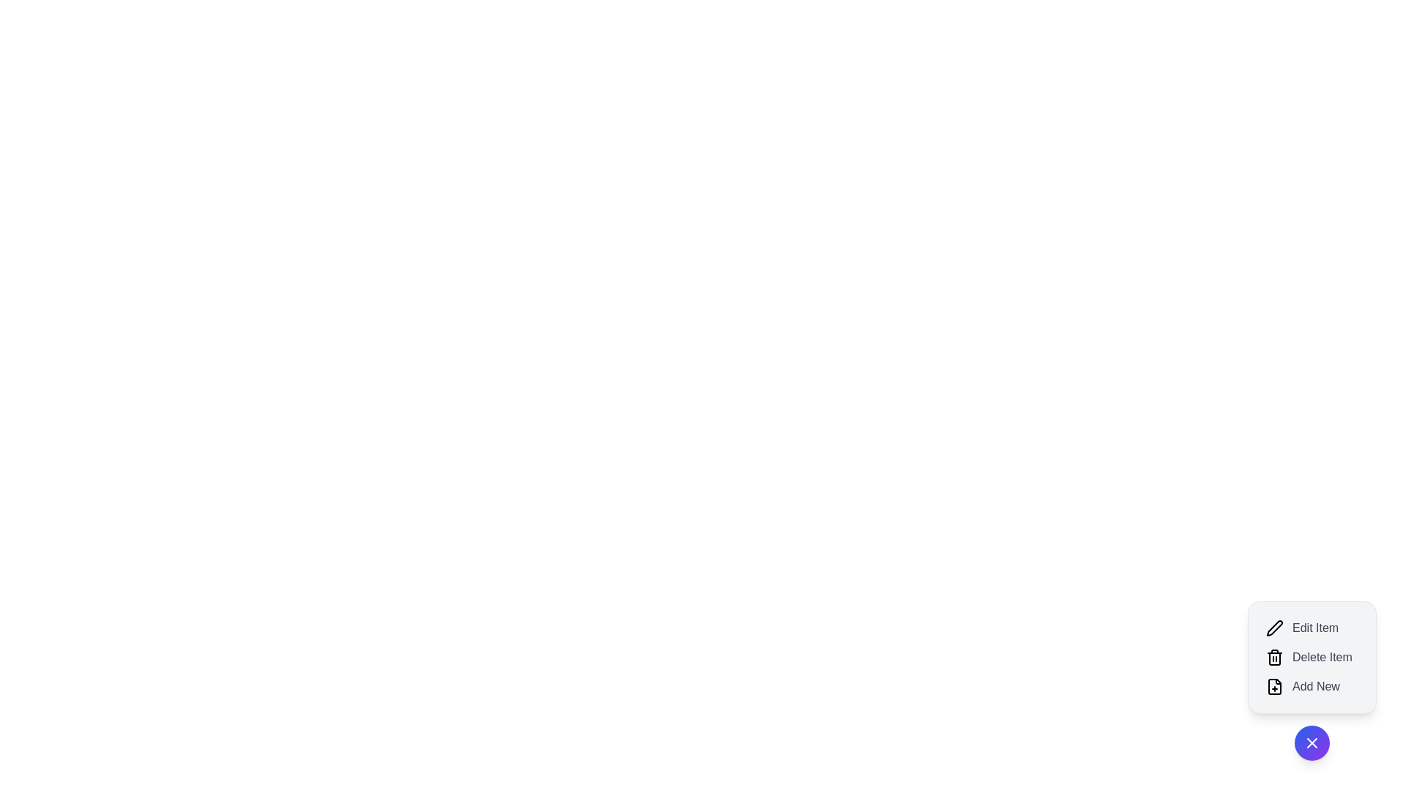 The image size is (1406, 790). I want to click on the 'Add New' button, so click(1312, 686).